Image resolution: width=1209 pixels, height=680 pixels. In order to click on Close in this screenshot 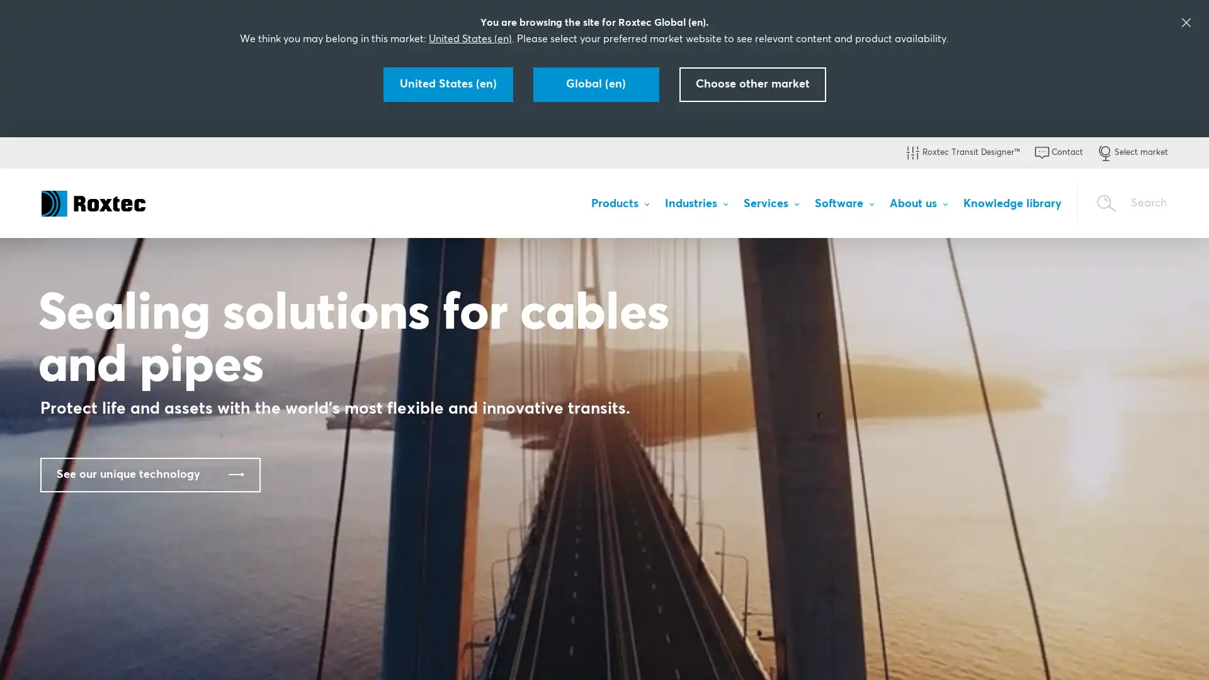, I will do `click(1188, 652)`.